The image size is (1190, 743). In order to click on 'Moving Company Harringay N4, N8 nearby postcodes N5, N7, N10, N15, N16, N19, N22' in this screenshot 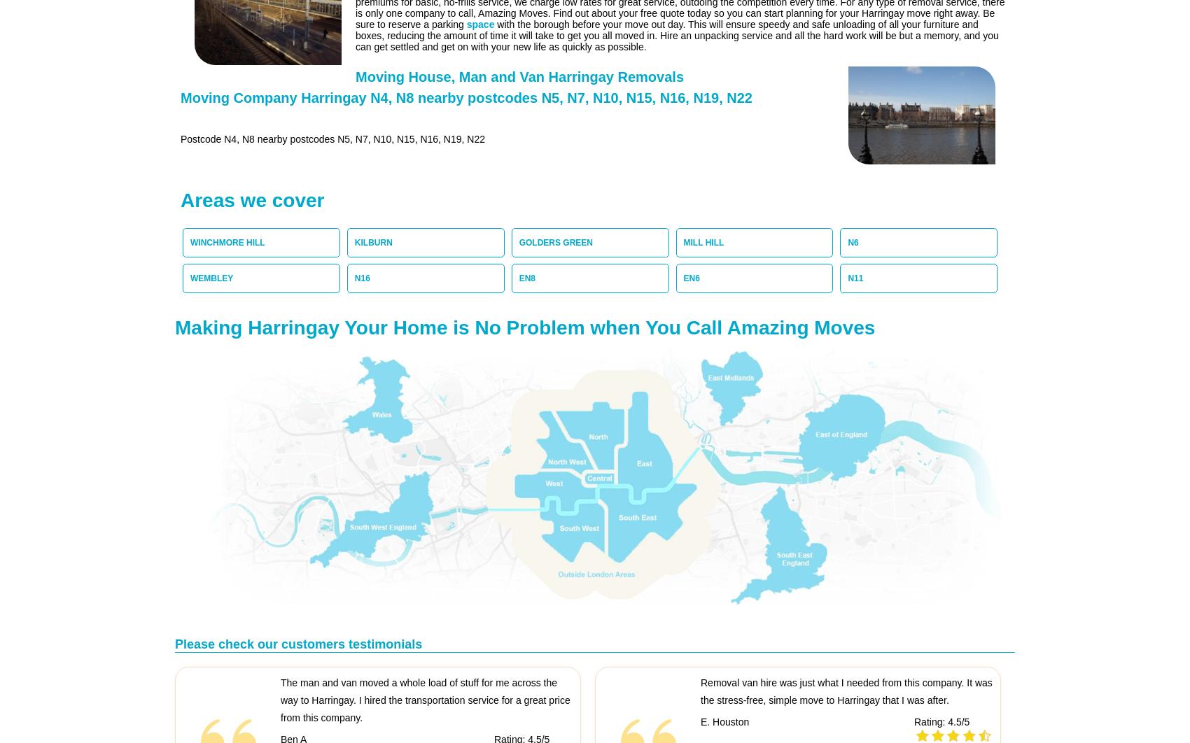, I will do `click(466, 97)`.